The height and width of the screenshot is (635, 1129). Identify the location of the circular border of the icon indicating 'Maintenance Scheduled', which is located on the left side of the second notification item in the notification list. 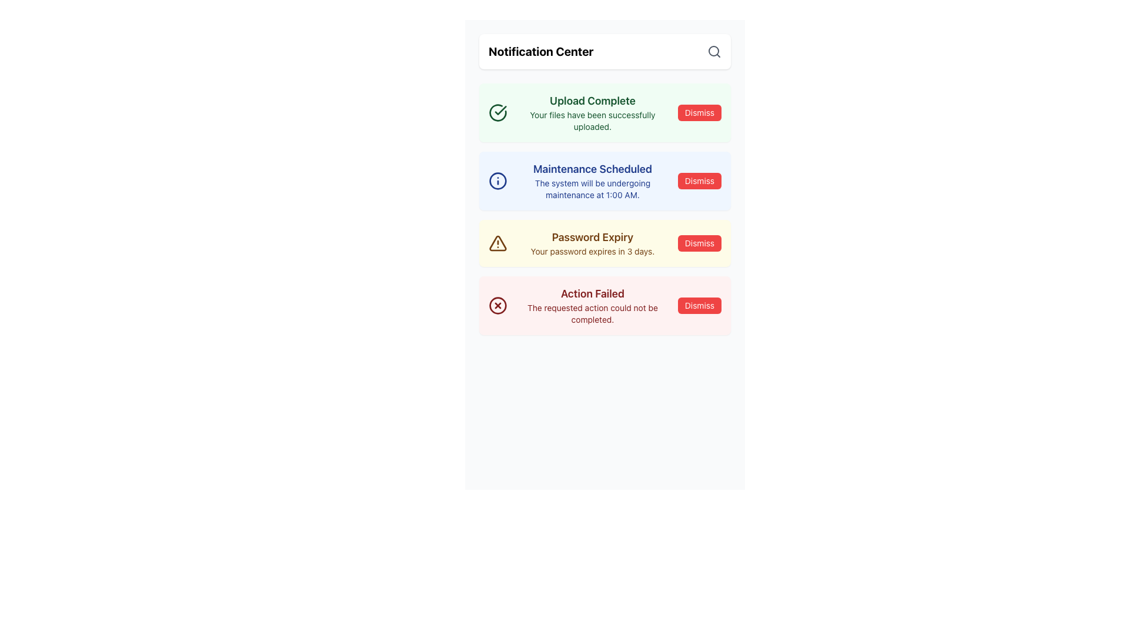
(497, 181).